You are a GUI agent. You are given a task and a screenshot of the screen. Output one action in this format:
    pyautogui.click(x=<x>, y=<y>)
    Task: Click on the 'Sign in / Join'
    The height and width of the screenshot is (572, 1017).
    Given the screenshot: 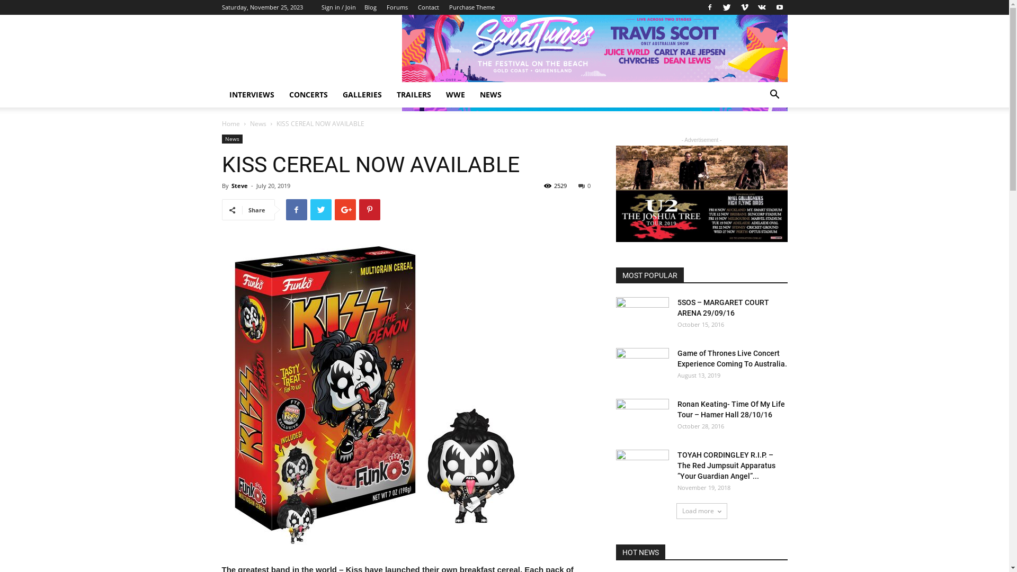 What is the action you would take?
    pyautogui.click(x=337, y=7)
    